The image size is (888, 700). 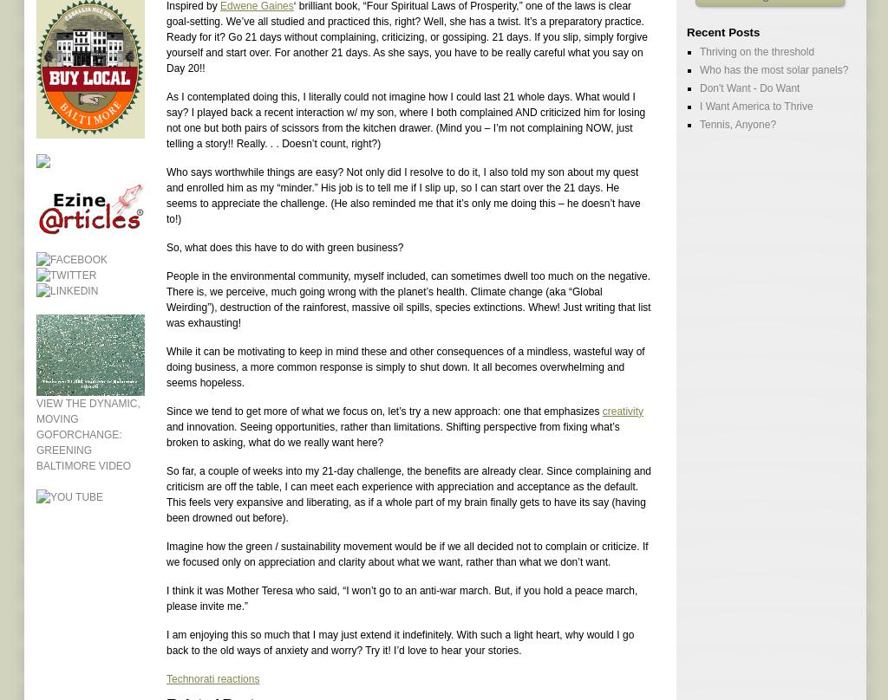 What do you see at coordinates (405, 119) in the screenshot?
I see `'As I contemplated doing this, I literally could not imagine how I could last 21 whole days. What would I say? I played back a recent interaction w/ my son, where I both complained AND criticized him for losing not one but both pairs of scissors from the kitchen drawer. (Mind you – I’m not complaining NOW, just telling a story!! Really. . . Doesn’t count, right?)'` at bounding box center [405, 119].